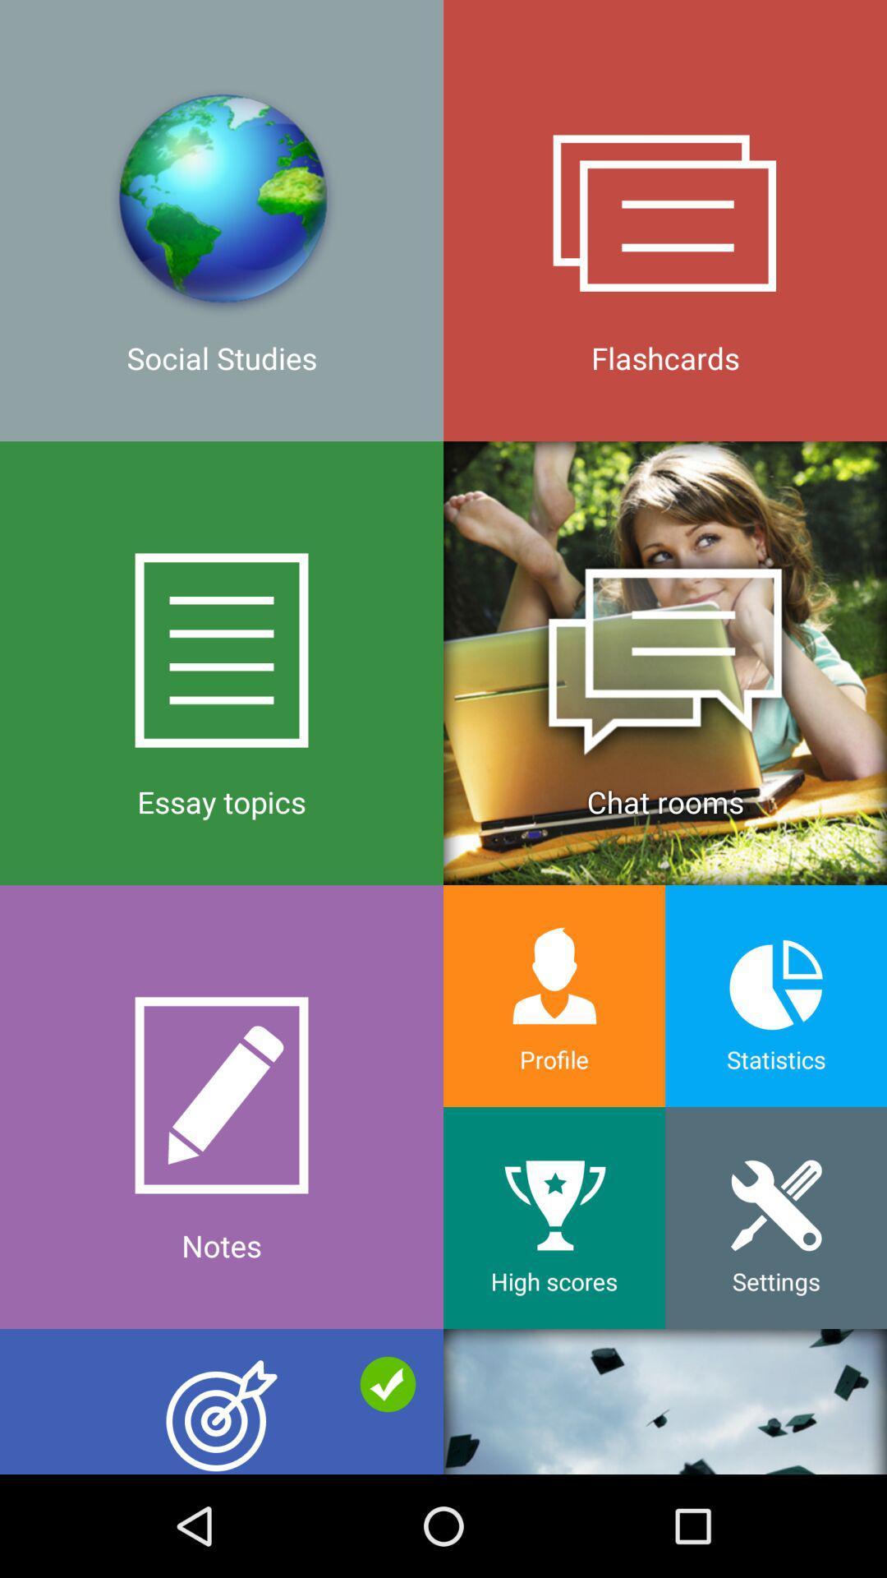 The image size is (887, 1578). What do you see at coordinates (554, 995) in the screenshot?
I see `the icon next to the essay topics icon` at bounding box center [554, 995].